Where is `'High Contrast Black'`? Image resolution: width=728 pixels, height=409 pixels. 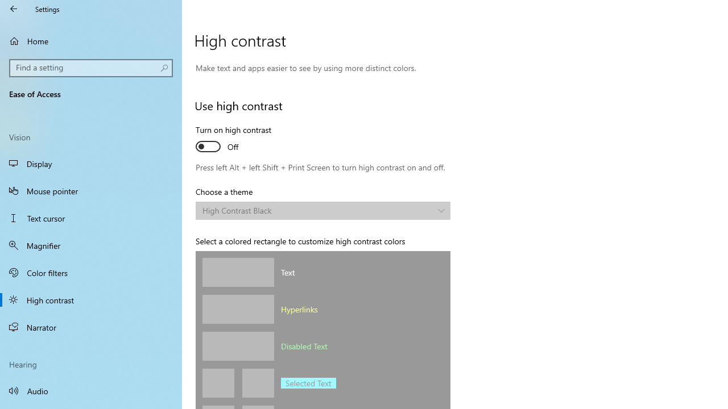 'High Contrast Black' is located at coordinates (317, 210).